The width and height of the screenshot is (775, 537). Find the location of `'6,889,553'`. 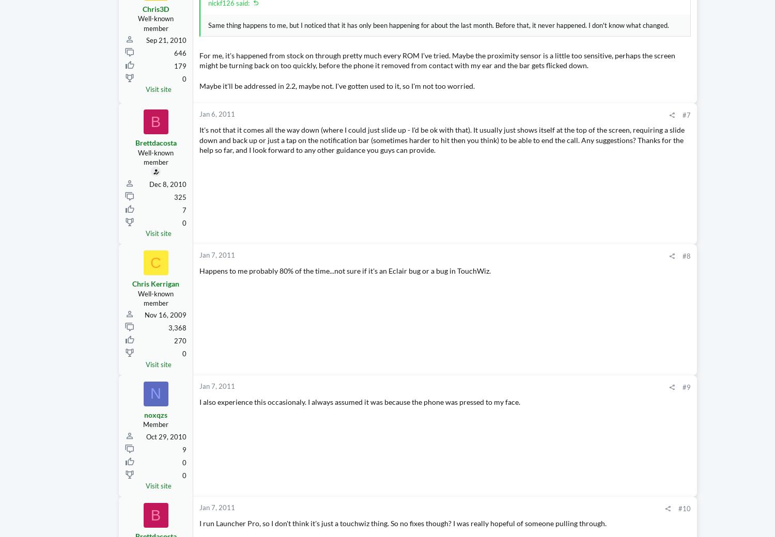

'6,889,553' is located at coordinates (748, 203).